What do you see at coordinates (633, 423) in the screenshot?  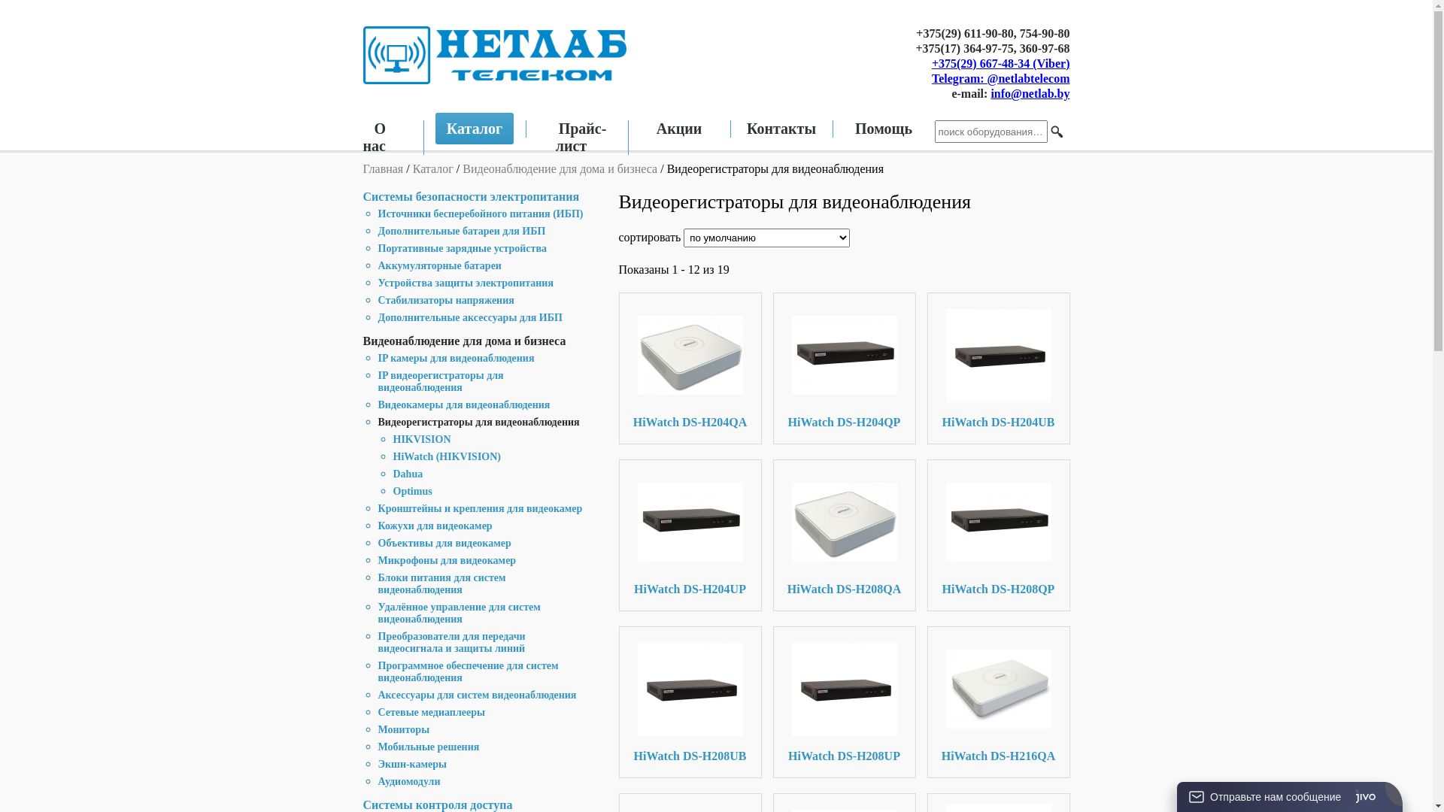 I see `'HiWatch DS-H204QA'` at bounding box center [633, 423].